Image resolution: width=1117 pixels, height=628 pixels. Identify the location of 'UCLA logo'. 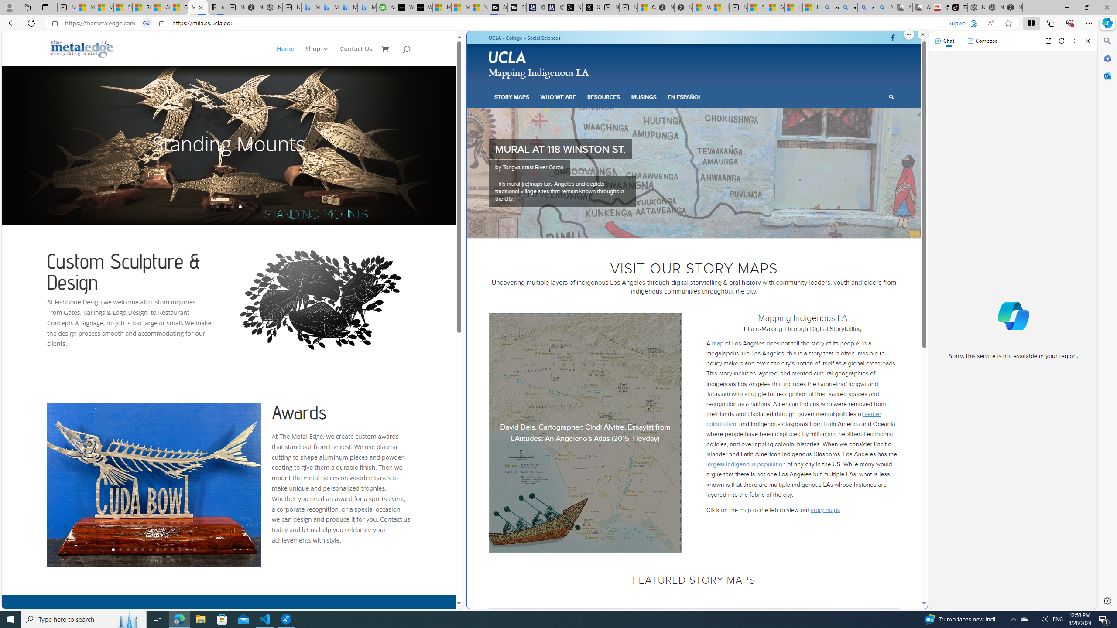
(507, 57).